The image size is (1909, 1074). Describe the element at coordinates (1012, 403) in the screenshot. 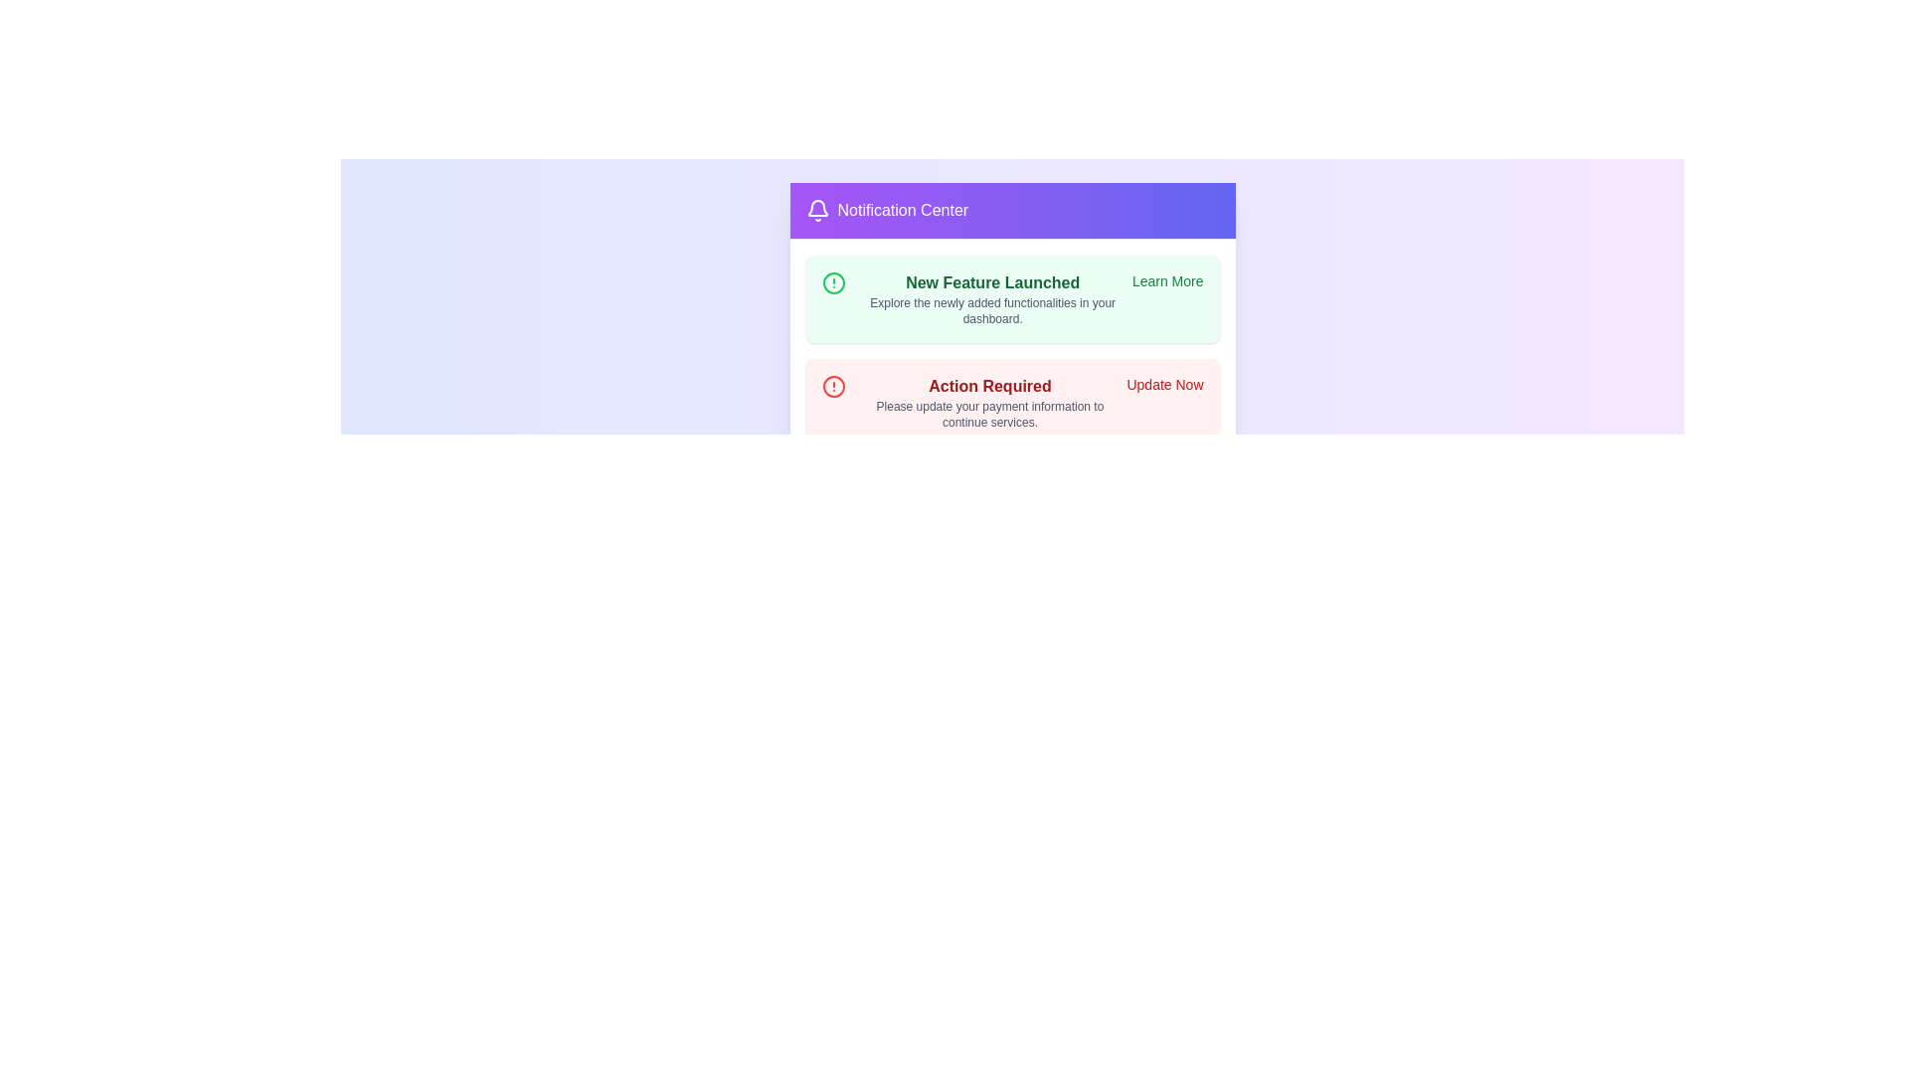

I see `the warning icon in the notification banner styled with a red background, which contains the bold text 'Action Required' and the actionable link 'Update Now'` at that location.